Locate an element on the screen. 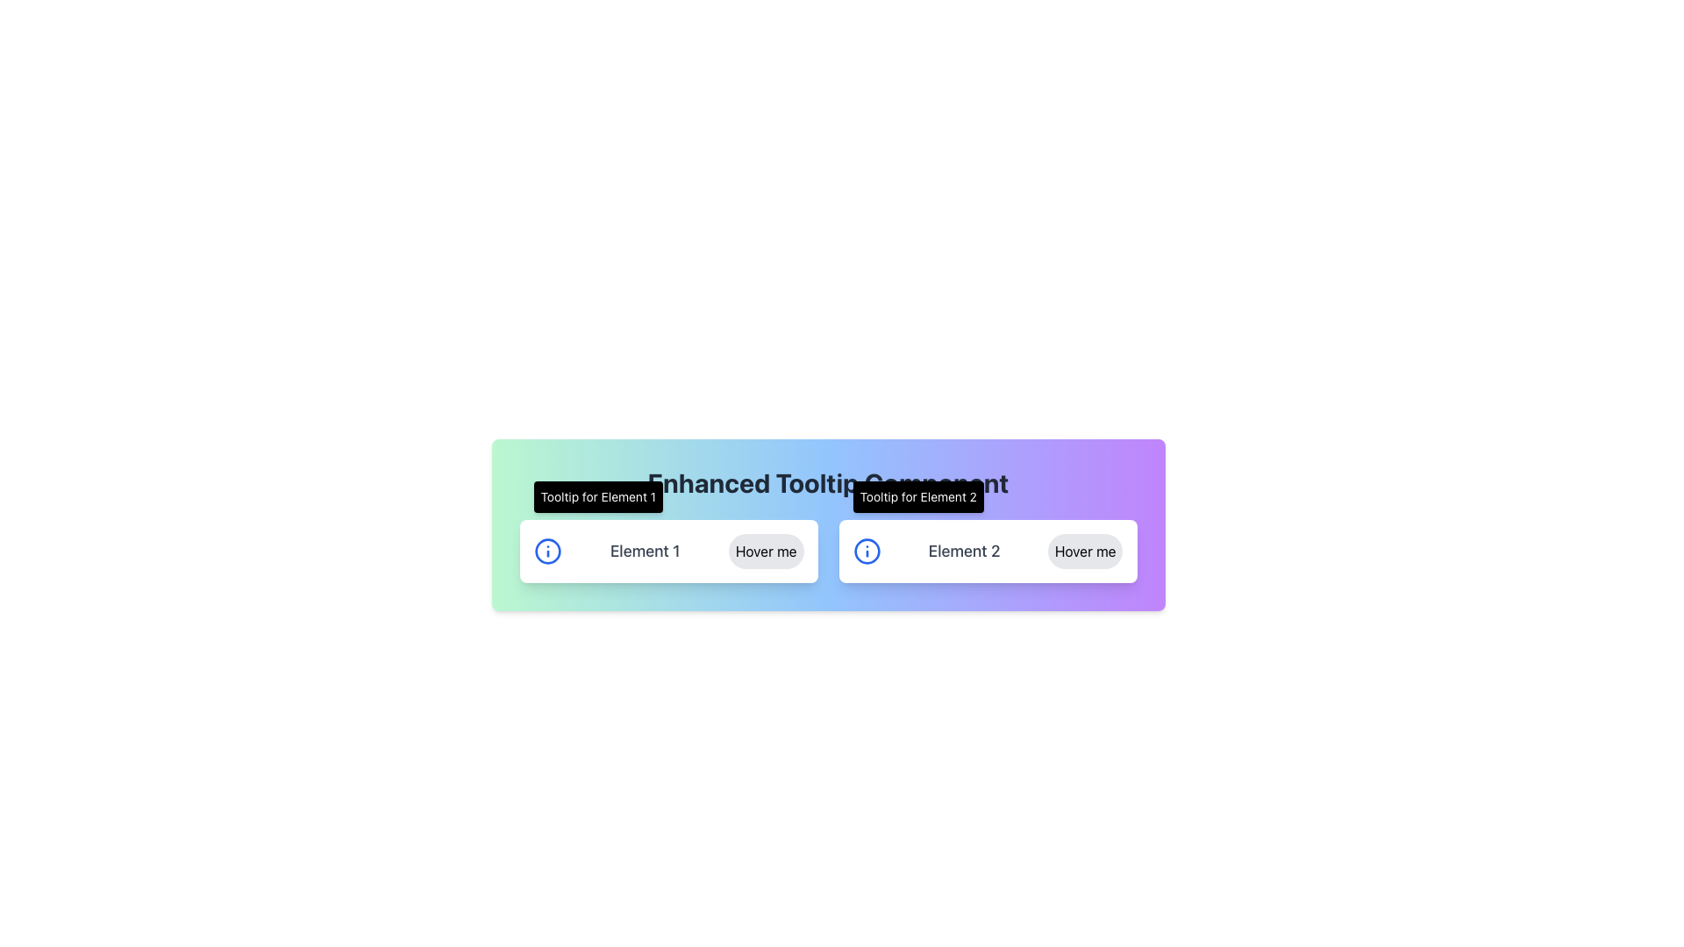 The width and height of the screenshot is (1684, 947). information displayed in the tooltip that shows 'Tooltip for Element 2', which is a black rectangular box with white text positioned above the 'Hover me' button is located at coordinates (917, 497).